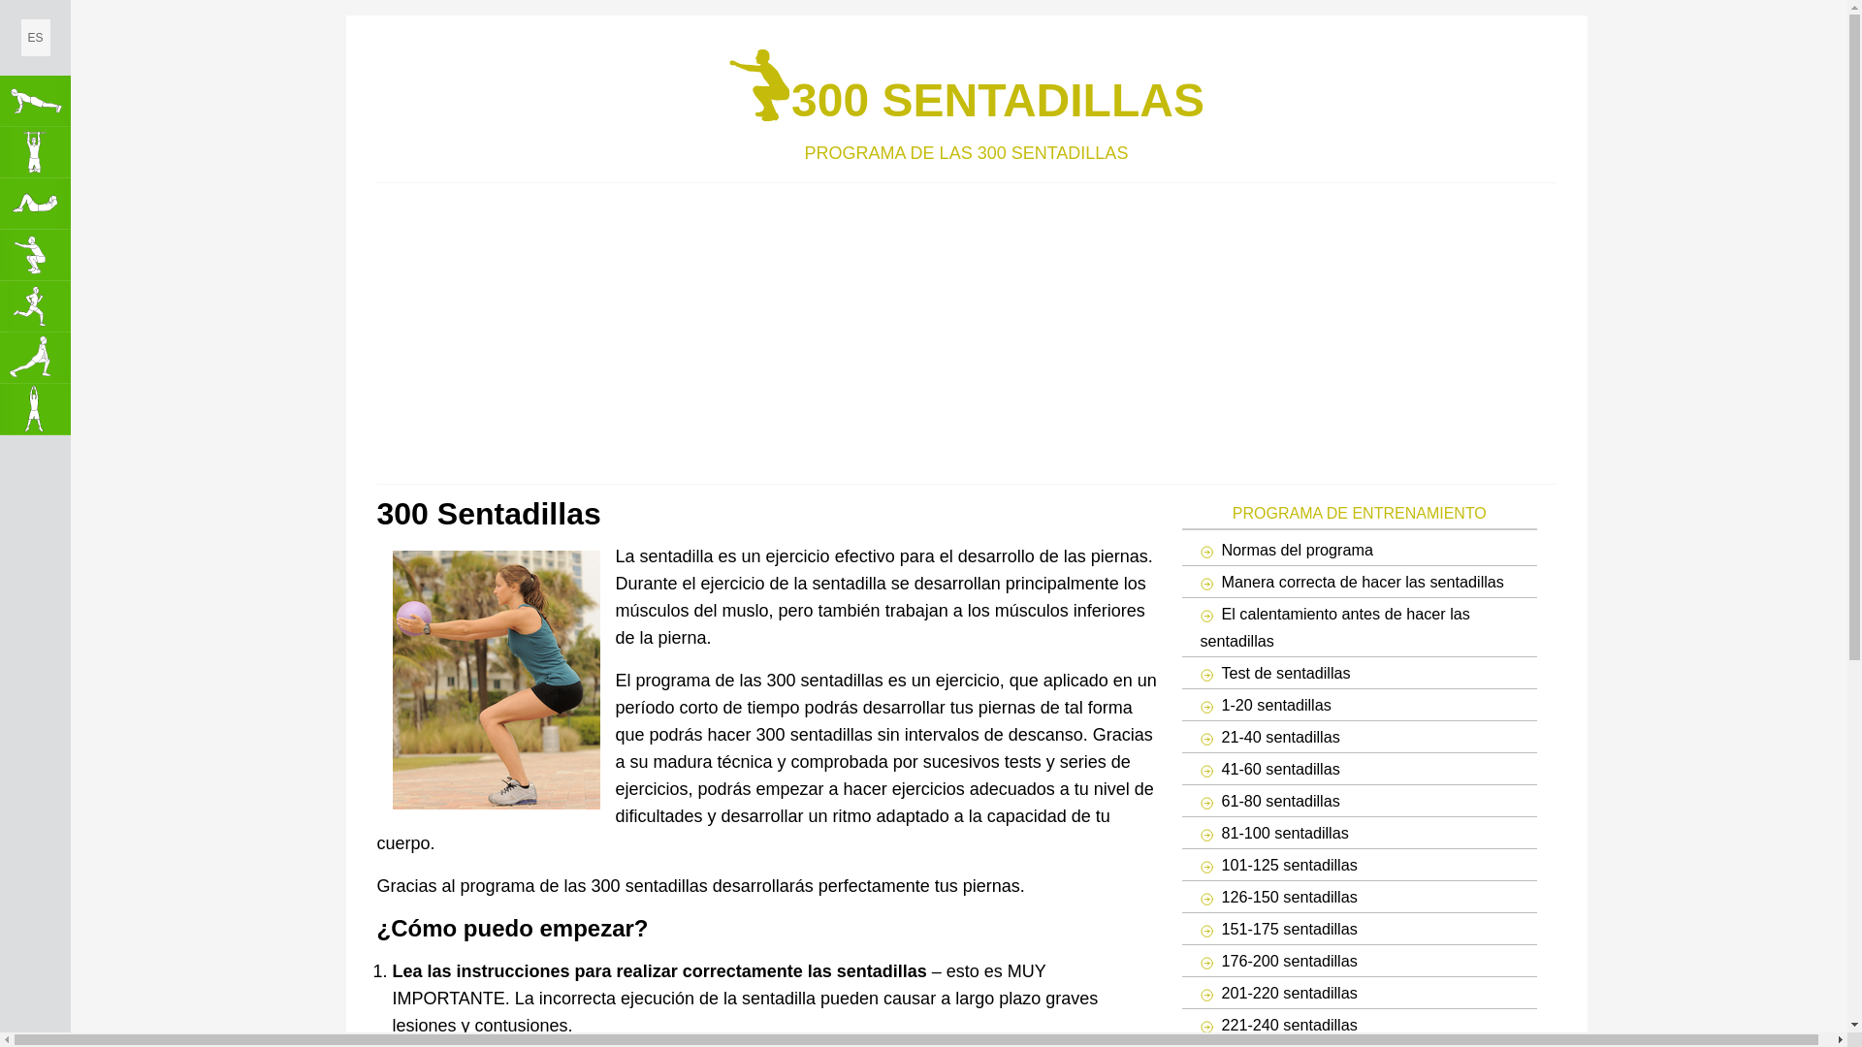 The image size is (1862, 1047). I want to click on '126-150 sentadillas', so click(1181, 897).